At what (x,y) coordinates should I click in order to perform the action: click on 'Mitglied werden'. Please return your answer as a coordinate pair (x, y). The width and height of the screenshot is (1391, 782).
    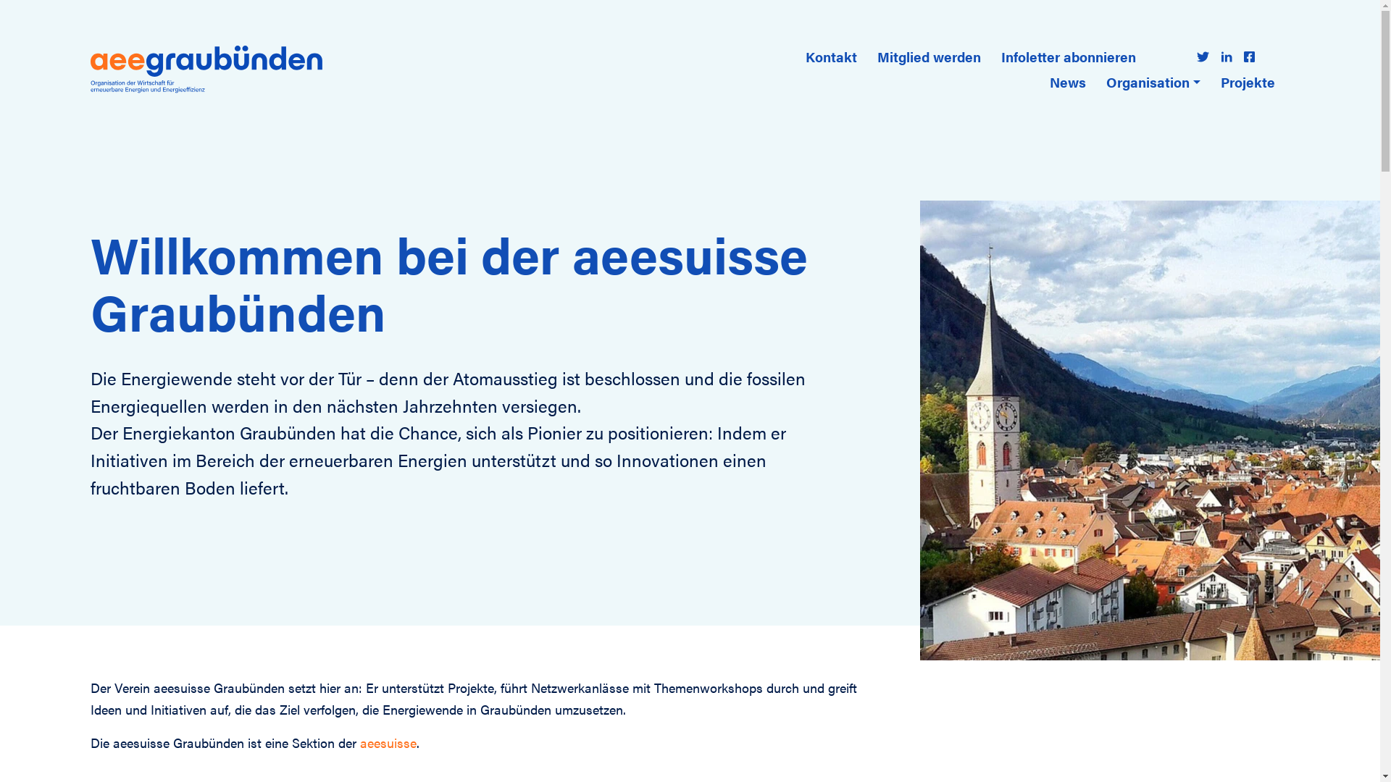
    Looking at the image, I should click on (929, 56).